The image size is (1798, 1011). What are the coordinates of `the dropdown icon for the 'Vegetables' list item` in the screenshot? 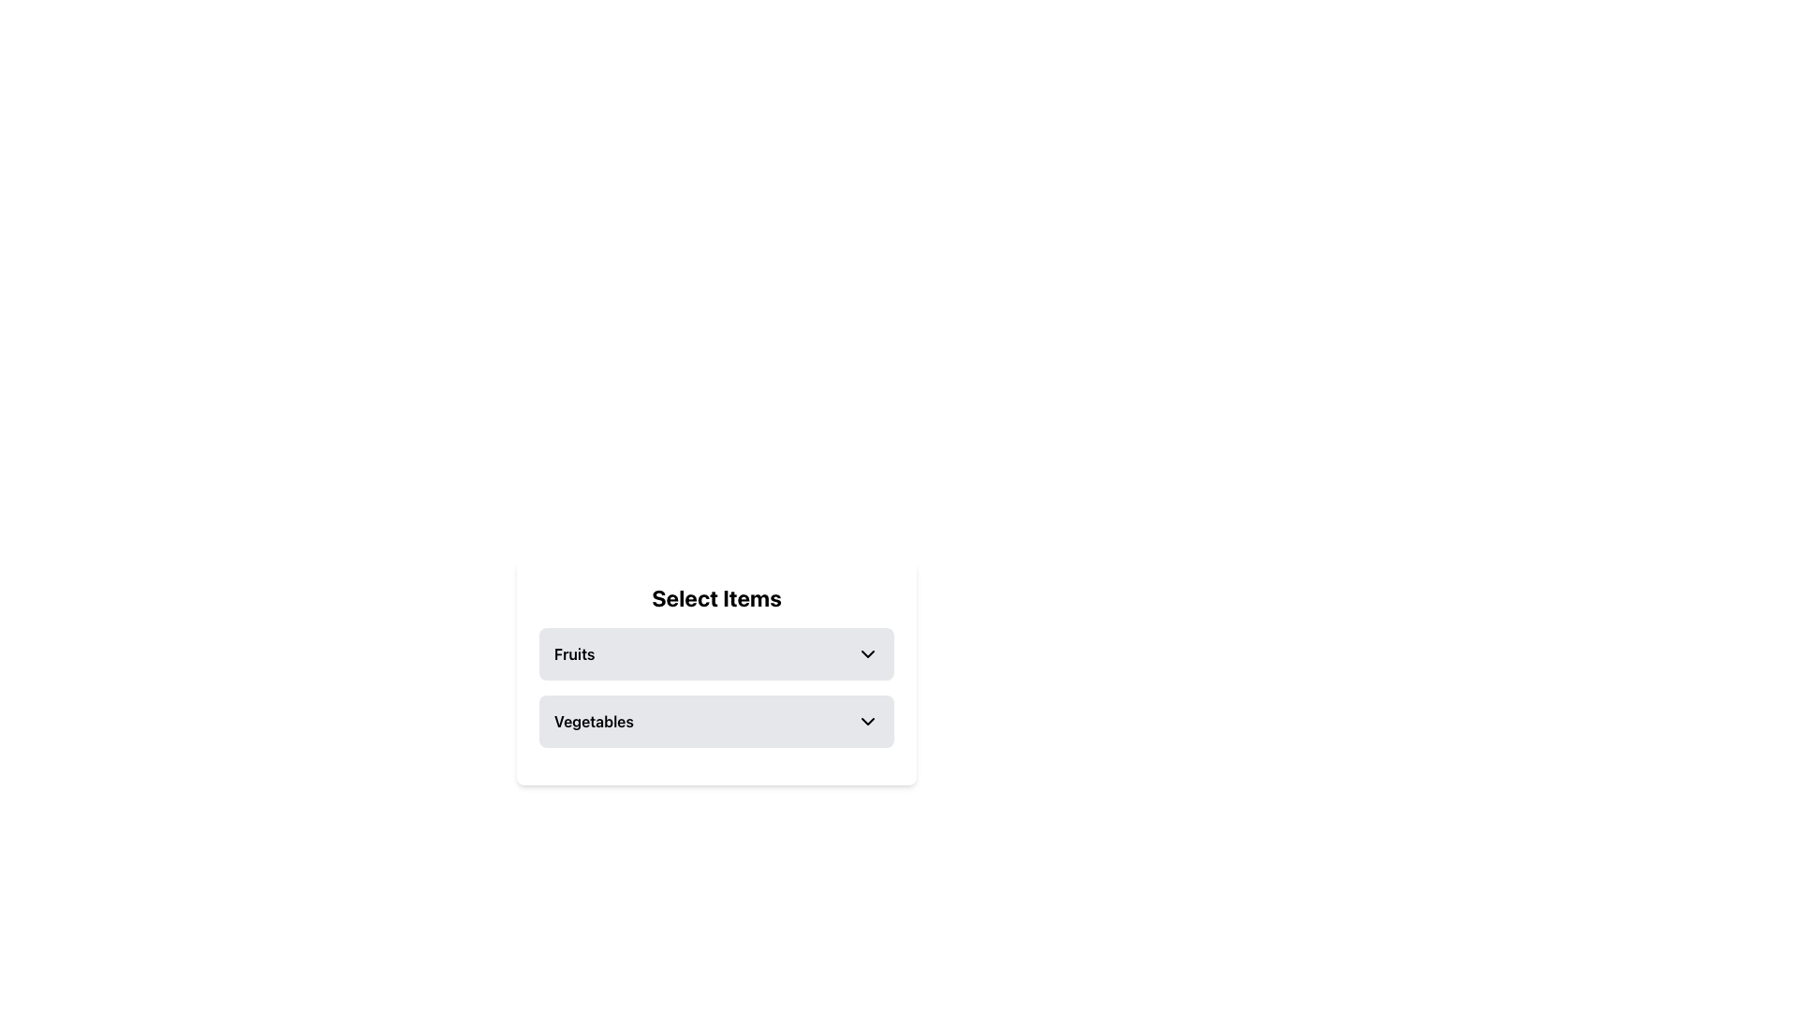 It's located at (866, 721).